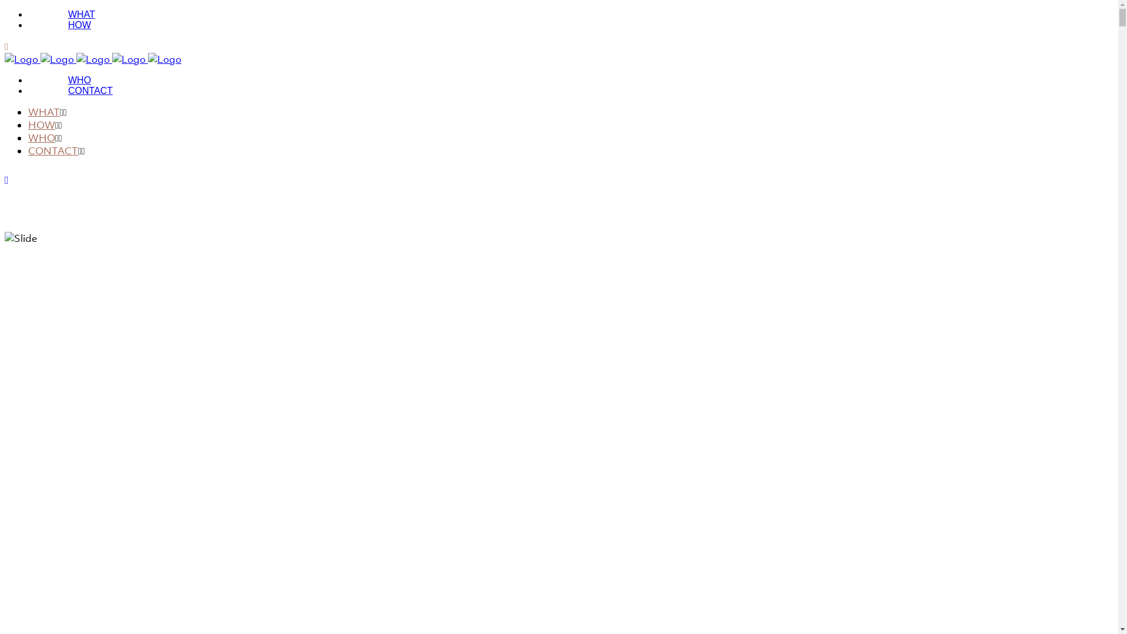 Image resolution: width=1127 pixels, height=634 pixels. Describe the element at coordinates (28, 25) in the screenshot. I see `'HOW'` at that location.